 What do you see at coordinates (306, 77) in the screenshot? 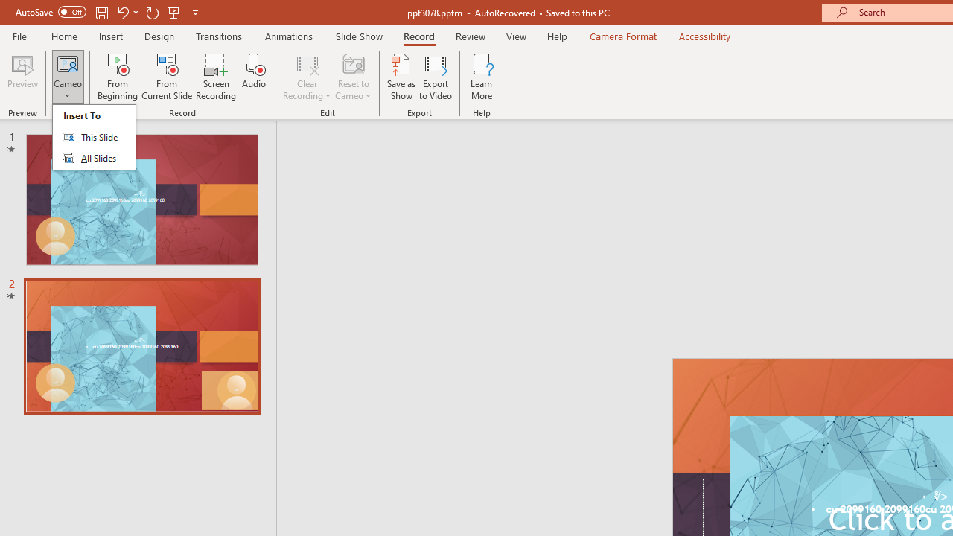
I see `'Clear Recording'` at bounding box center [306, 77].